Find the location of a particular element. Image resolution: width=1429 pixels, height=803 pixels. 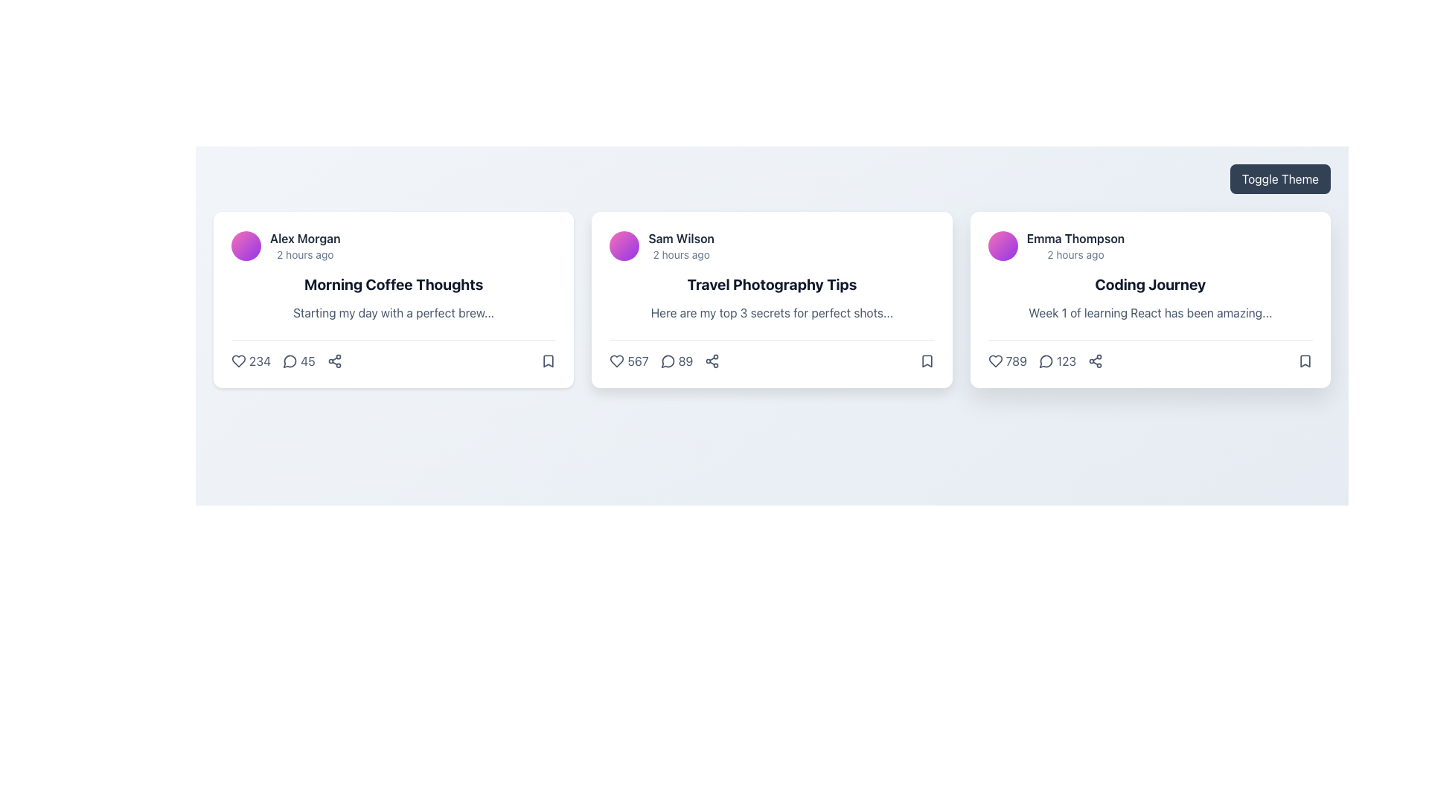

introductory text content located in the central card below the heading 'Travel Photography Tips' is located at coordinates (772, 312).